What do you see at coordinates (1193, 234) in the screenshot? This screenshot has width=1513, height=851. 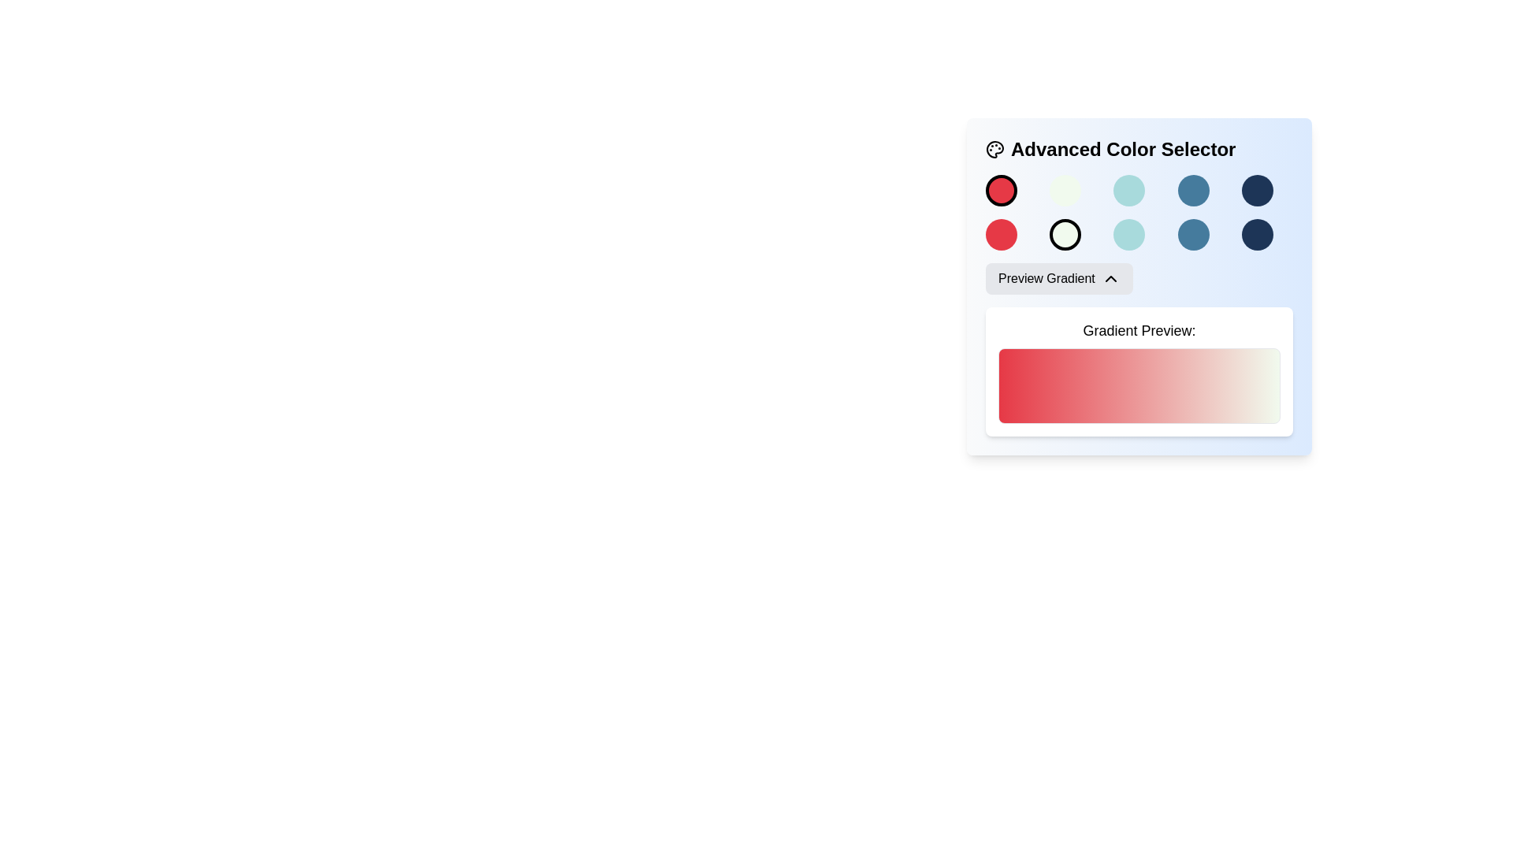 I see `the interactive button for setting the secondary color to #457B9D, positioned in the fourth slot of a grid under the 'Advanced Color Selector'` at bounding box center [1193, 234].